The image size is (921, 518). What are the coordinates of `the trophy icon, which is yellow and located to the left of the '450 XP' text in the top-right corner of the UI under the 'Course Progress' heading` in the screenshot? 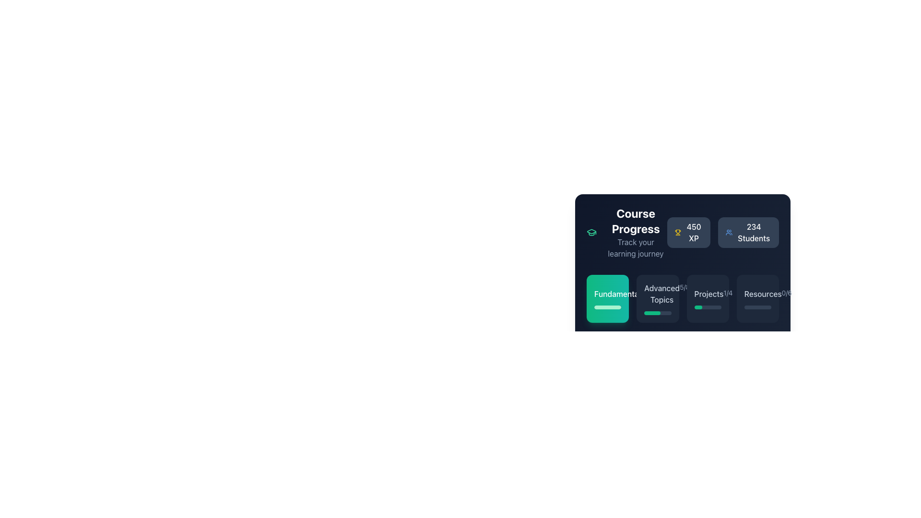 It's located at (677, 233).